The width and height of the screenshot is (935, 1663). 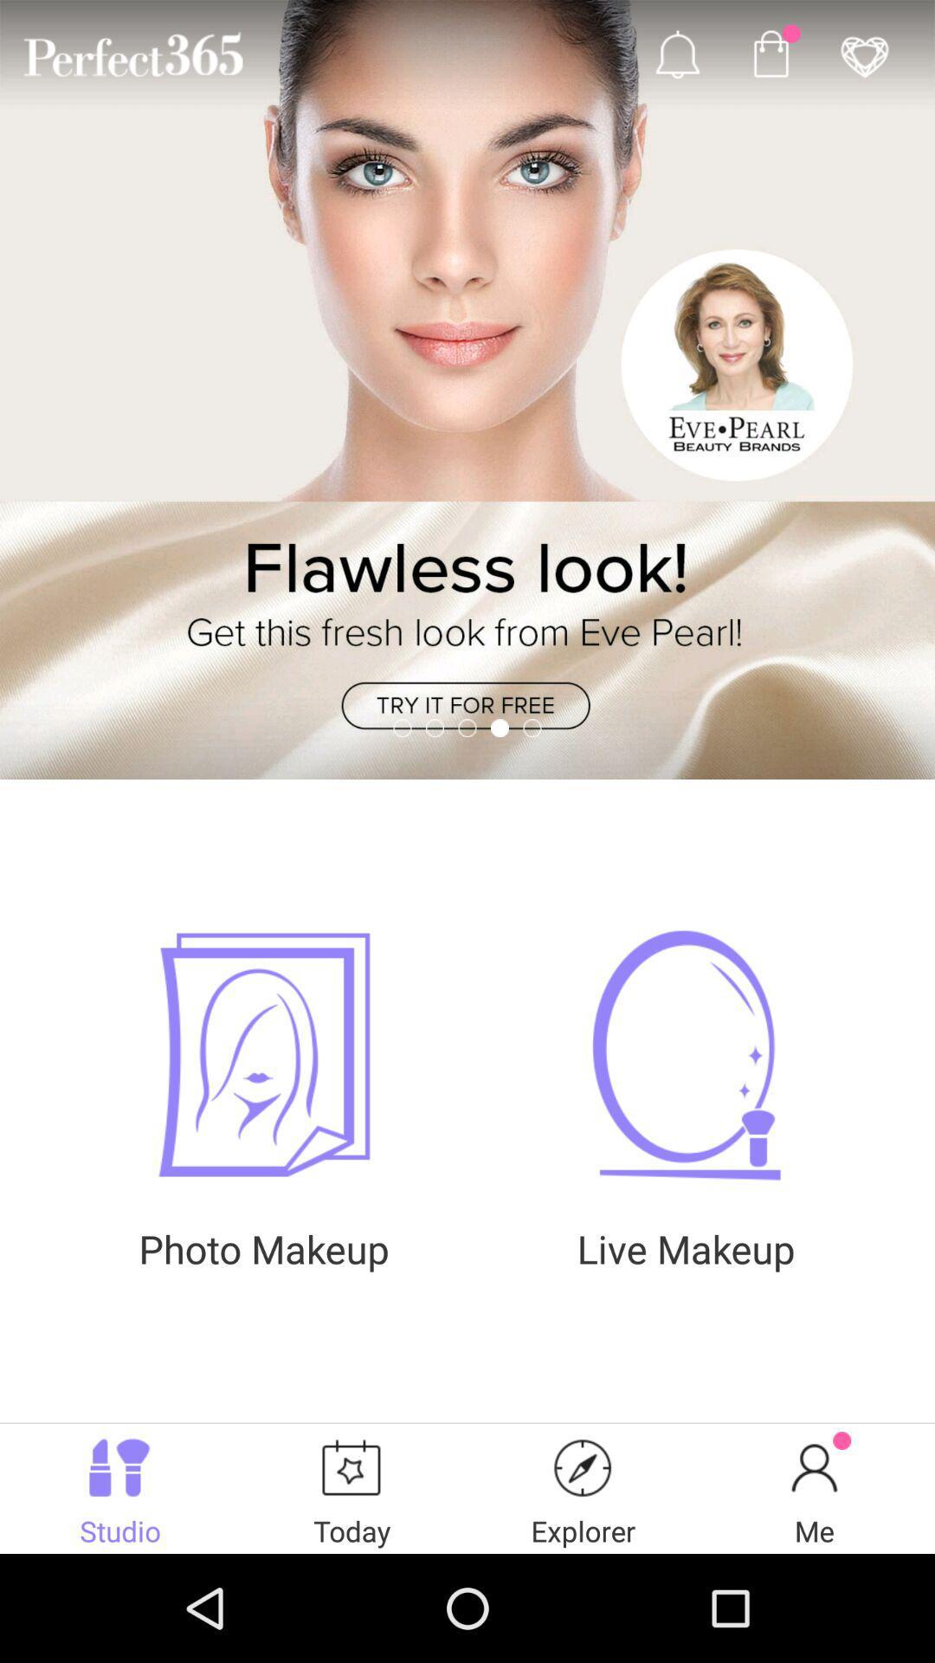 What do you see at coordinates (351, 1487) in the screenshot?
I see `the right of studio` at bounding box center [351, 1487].